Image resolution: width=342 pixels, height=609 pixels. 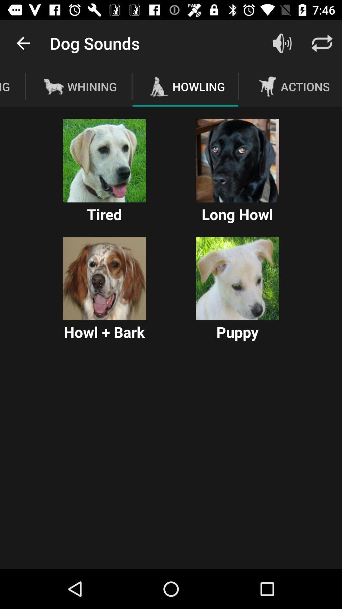 I want to click on listen to puppy, so click(x=237, y=278).